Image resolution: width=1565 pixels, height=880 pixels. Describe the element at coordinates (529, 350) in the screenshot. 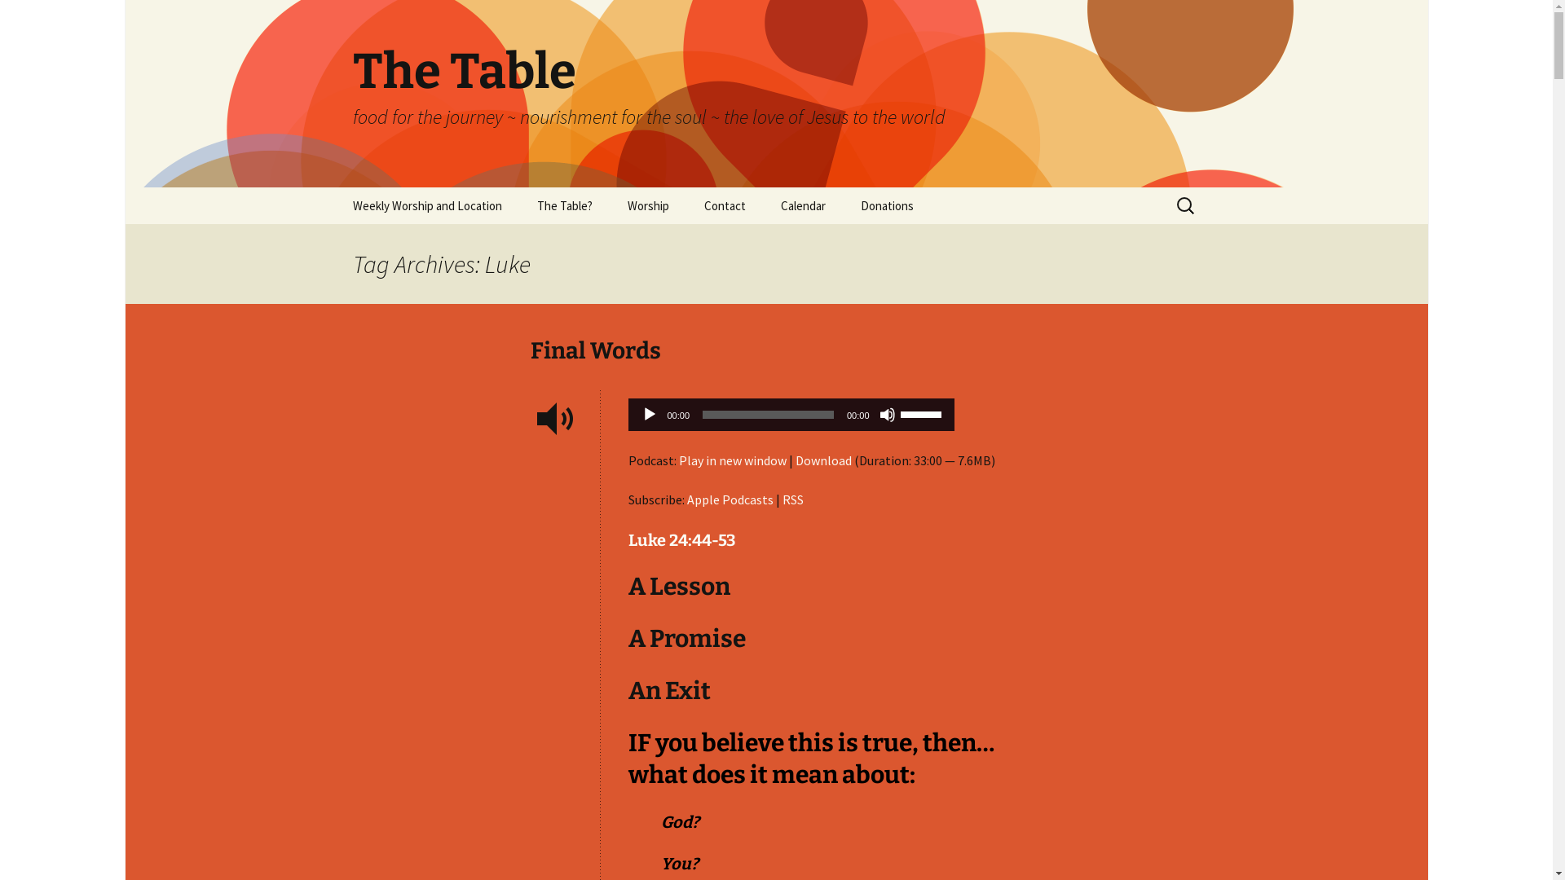

I see `'Final Words'` at that location.